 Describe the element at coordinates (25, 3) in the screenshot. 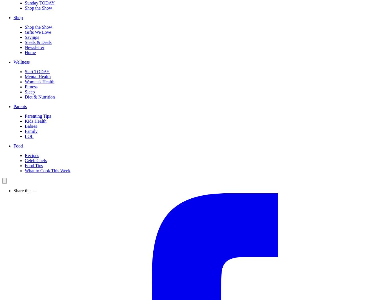

I see `'Sunday TODAY'` at that location.